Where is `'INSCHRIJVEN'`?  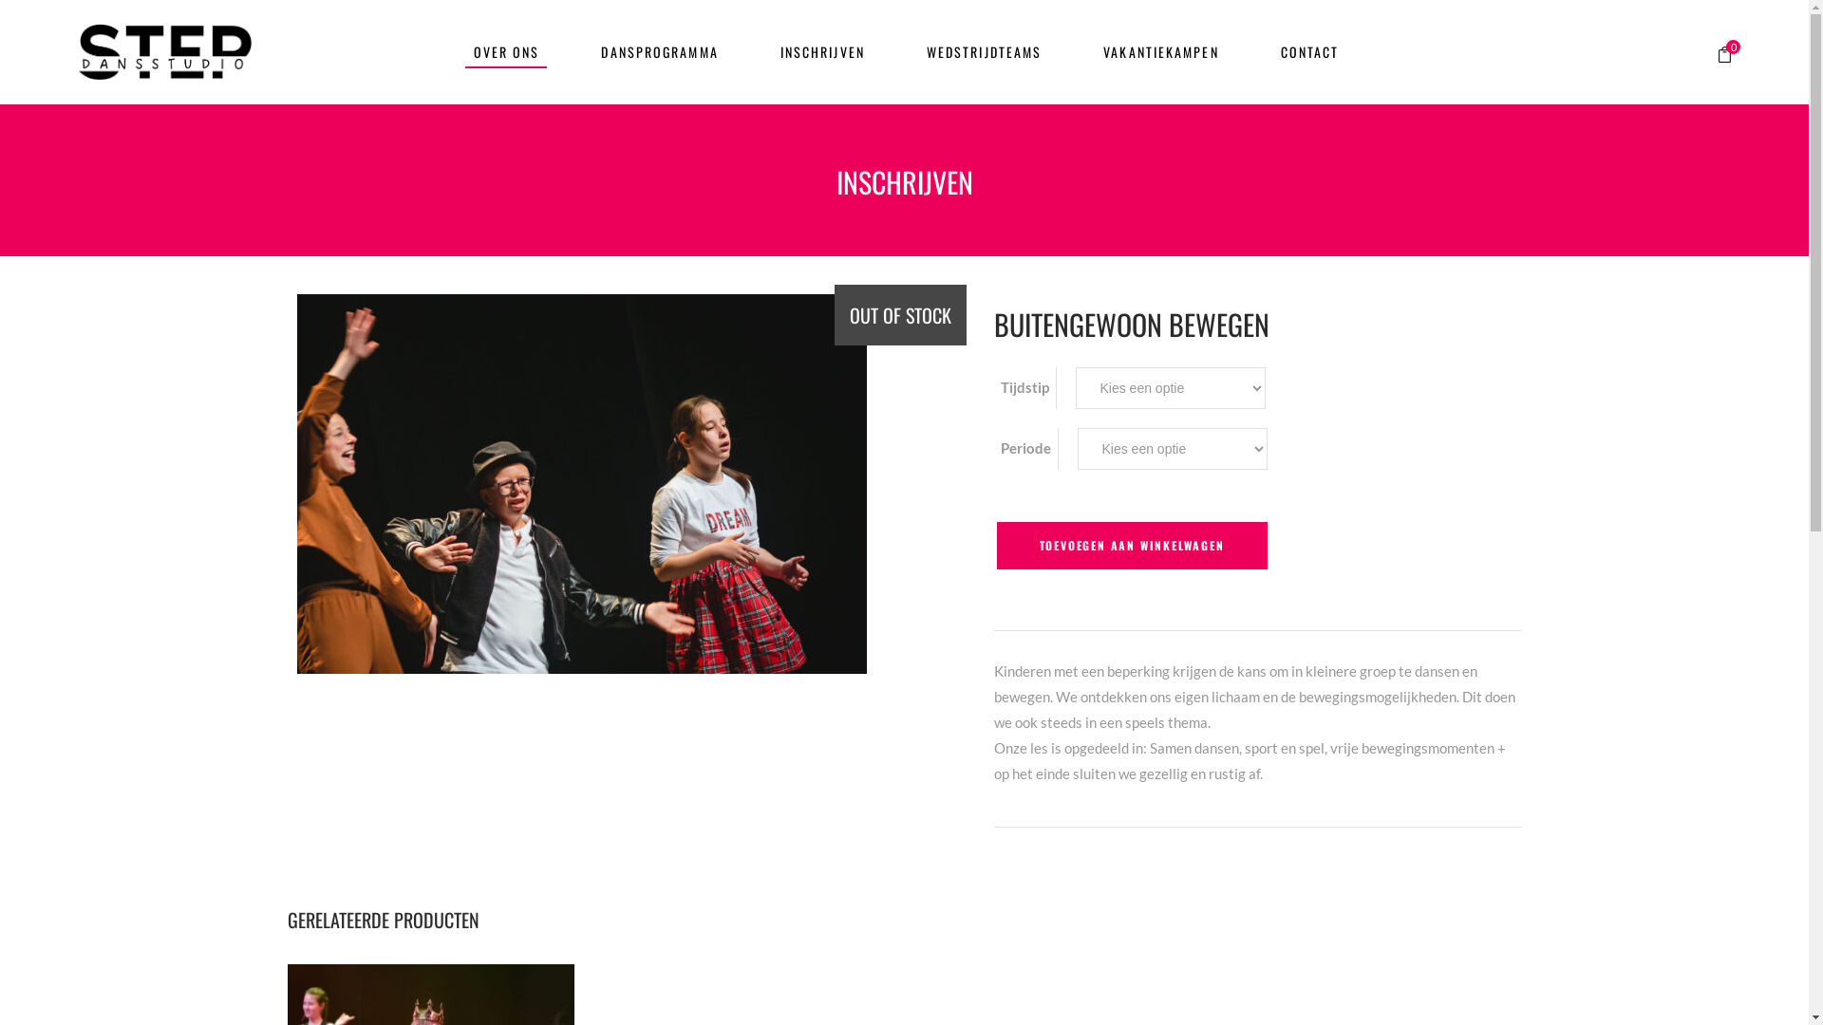
'INSCHRIJVEN' is located at coordinates (821, 50).